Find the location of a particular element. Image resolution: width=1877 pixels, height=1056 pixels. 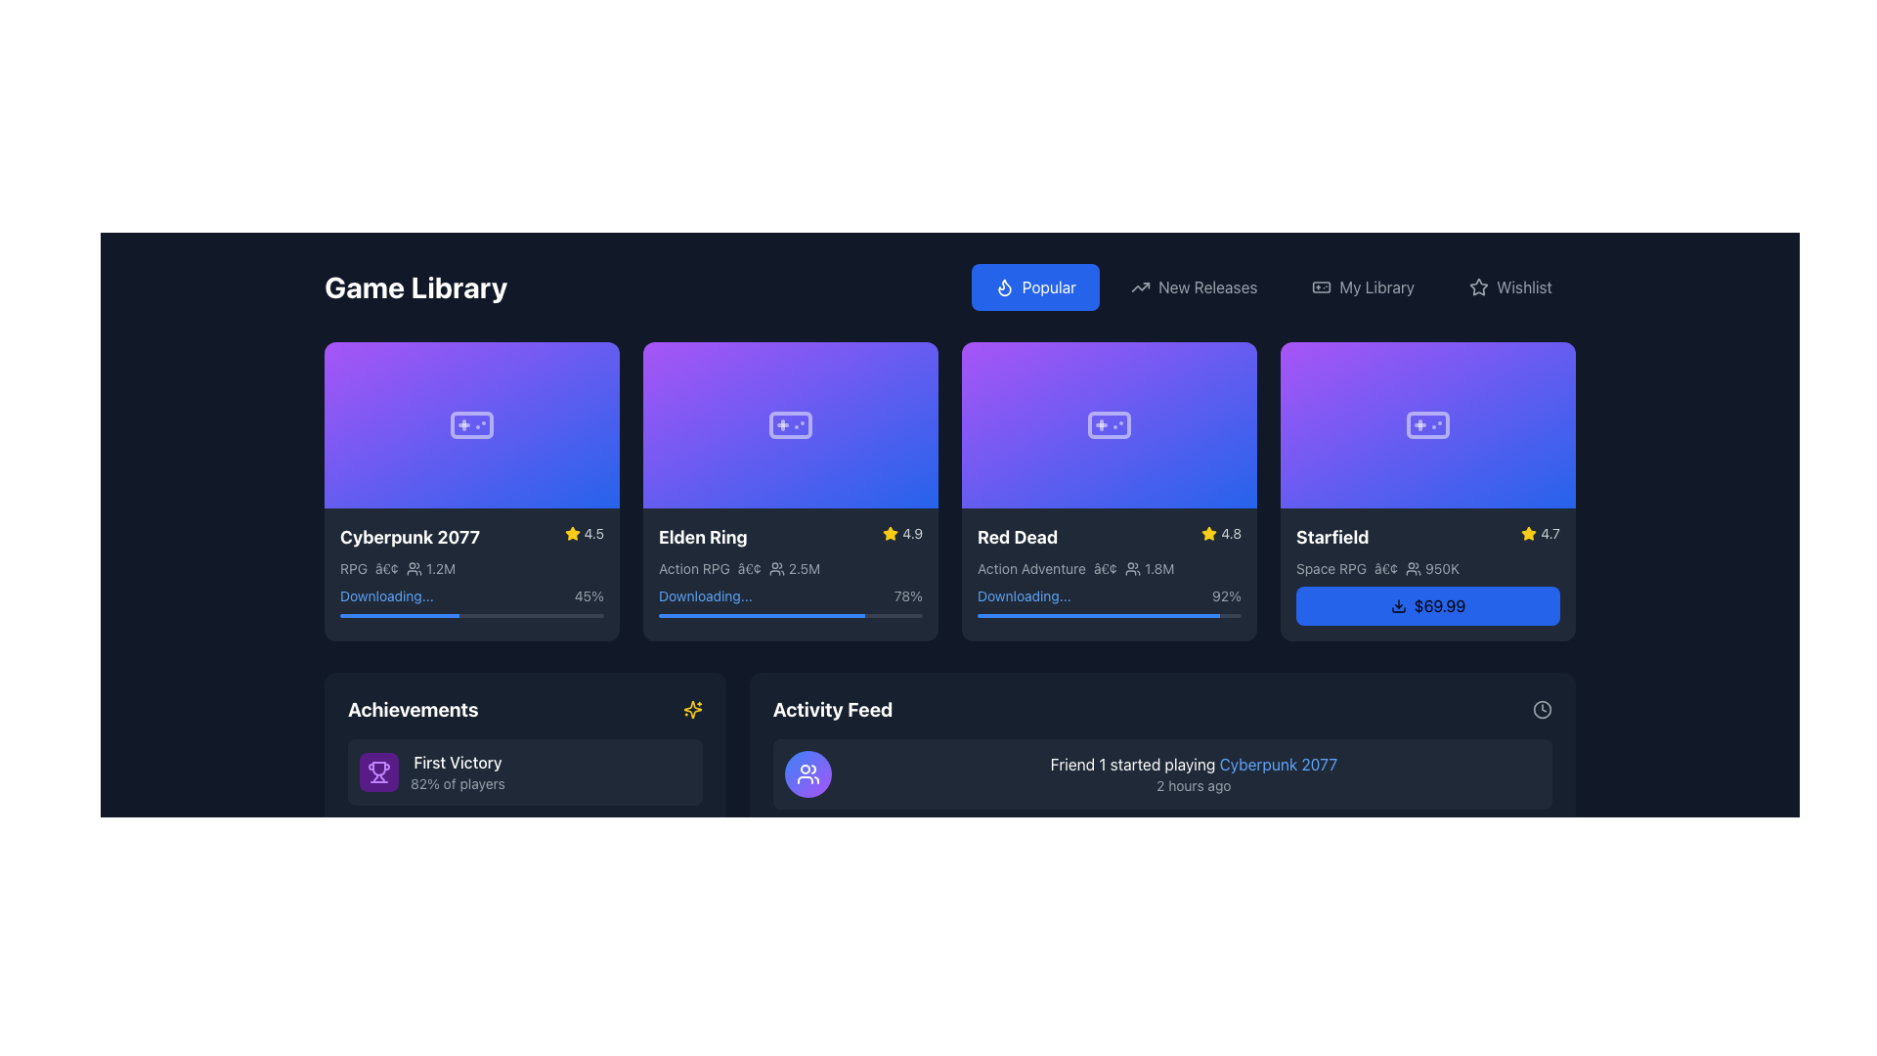

the third interactive button from the left, located between 'New Releases' and 'Wishlist' is located at coordinates (1362, 286).